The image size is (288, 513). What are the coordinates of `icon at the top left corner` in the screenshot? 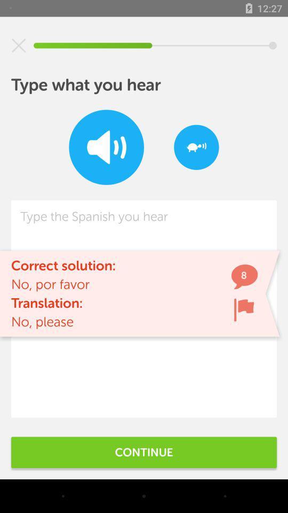 It's located at (19, 45).